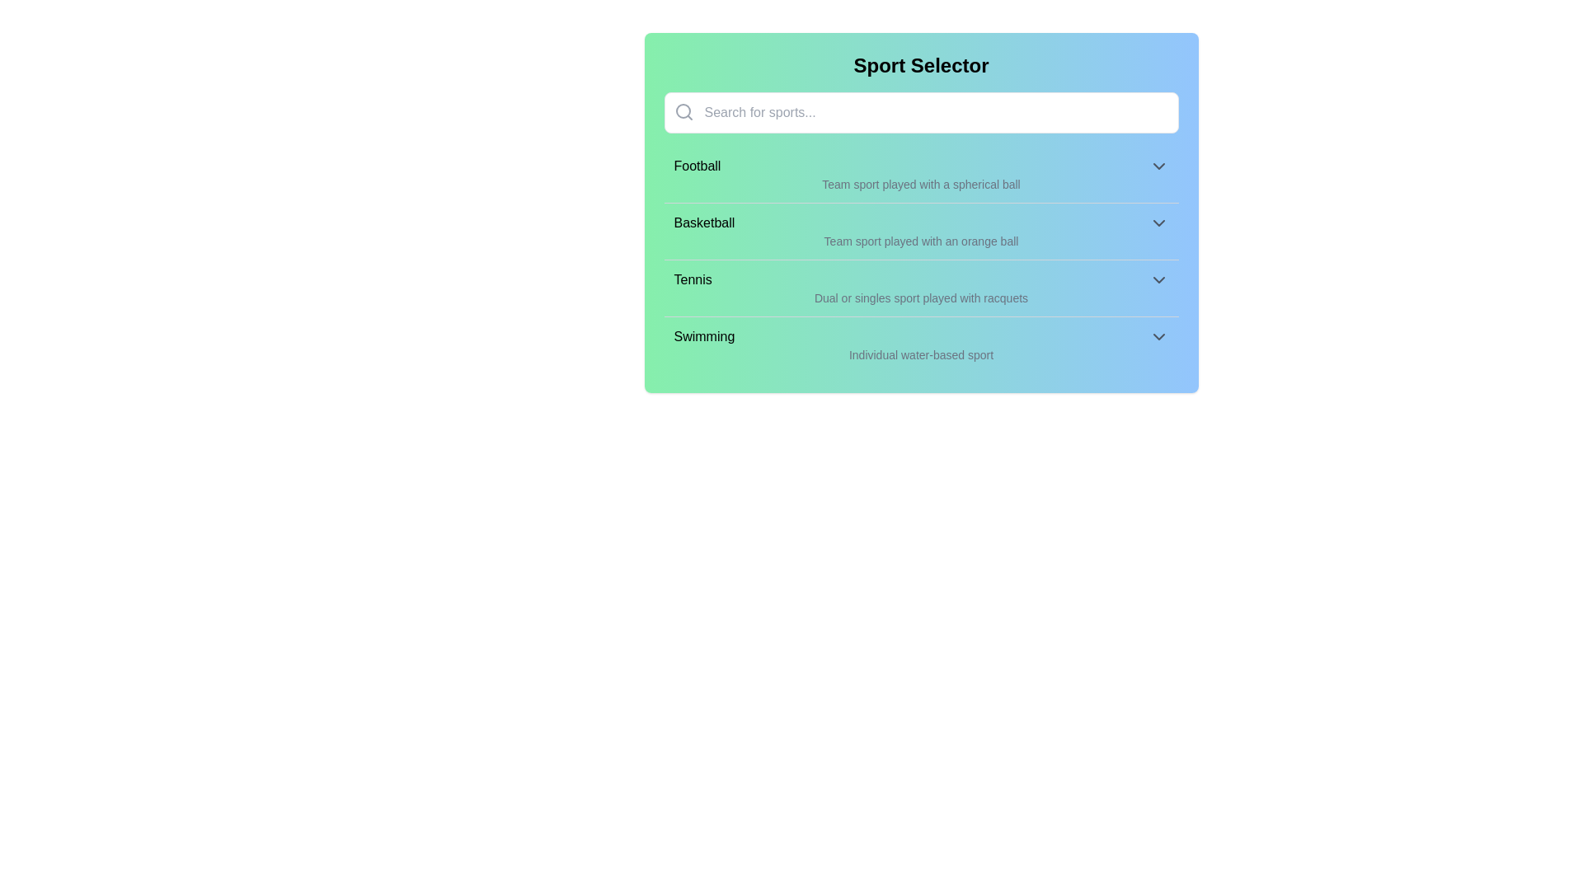  What do you see at coordinates (920, 65) in the screenshot?
I see `the bold, centered heading text 'Sport Selector' at the top of the card-like structure with a gradient background` at bounding box center [920, 65].